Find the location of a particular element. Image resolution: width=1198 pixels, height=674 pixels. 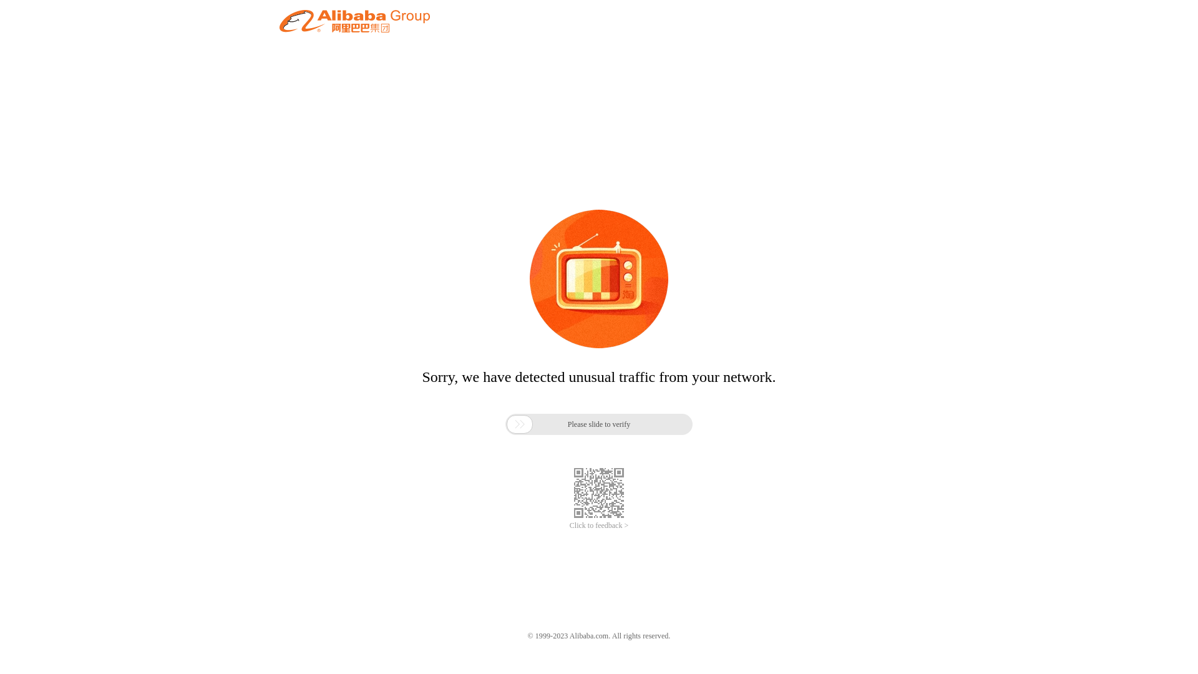

'Click to feedback >' is located at coordinates (599, 525).